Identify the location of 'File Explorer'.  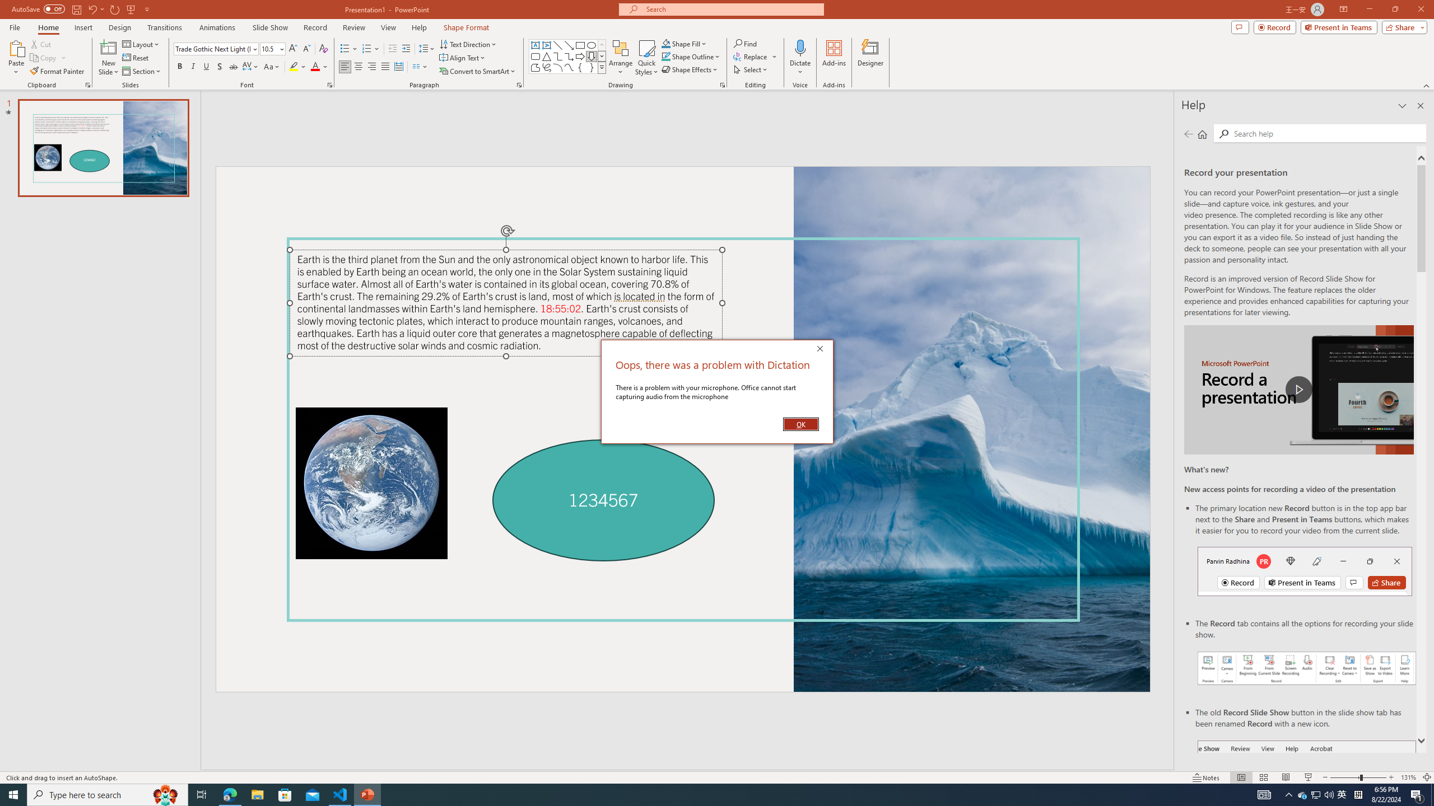
(257, 794).